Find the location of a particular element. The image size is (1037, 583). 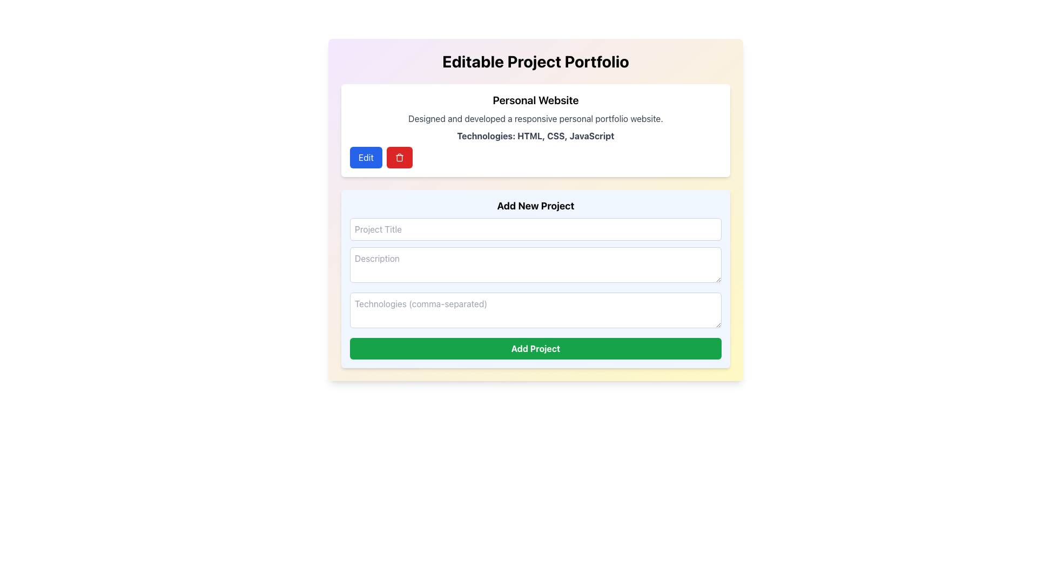

the static text line element that displays 'Technologies: HTML, CSS, JavaScript', which is bold and gray, positioned below the project description and above interactive buttons is located at coordinates (536, 135).